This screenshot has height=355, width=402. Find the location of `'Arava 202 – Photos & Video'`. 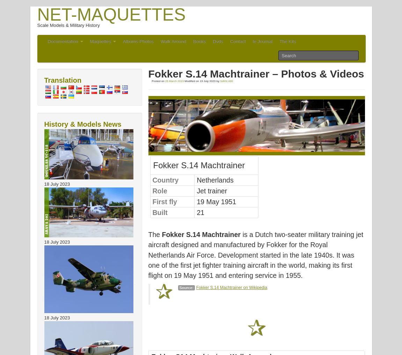

'Arava 202 – Photos & Video' is located at coordinates (141, 202).